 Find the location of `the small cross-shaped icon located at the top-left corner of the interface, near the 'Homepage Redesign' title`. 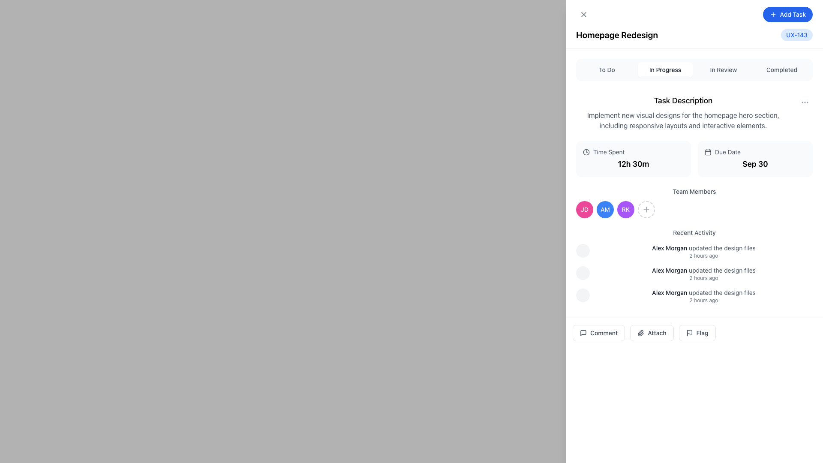

the small cross-shaped icon located at the top-left corner of the interface, near the 'Homepage Redesign' title is located at coordinates (583, 15).